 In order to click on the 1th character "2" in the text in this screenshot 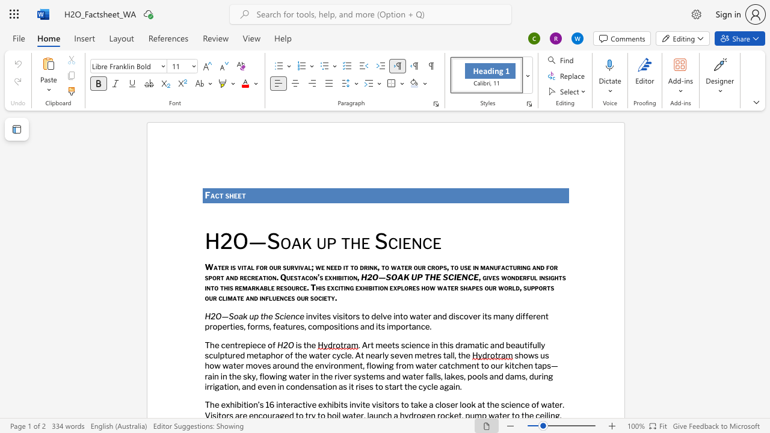, I will do `click(213, 315)`.